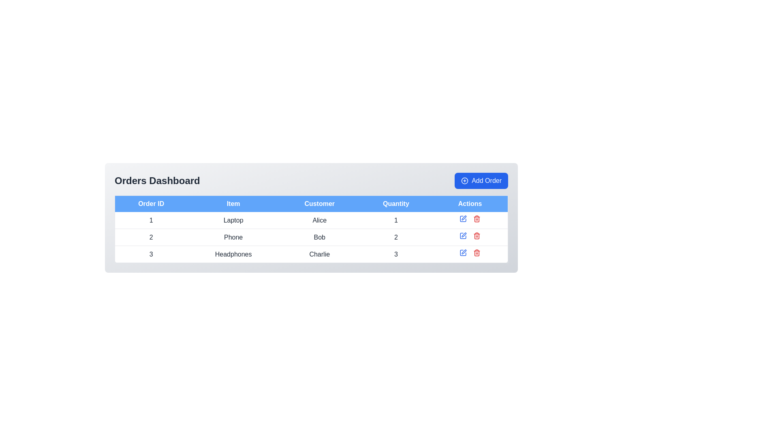 This screenshot has width=778, height=437. I want to click on the blue pen icon button in the 'Actions' column of the table row for 'Phone' and 'Bob', so click(463, 218).